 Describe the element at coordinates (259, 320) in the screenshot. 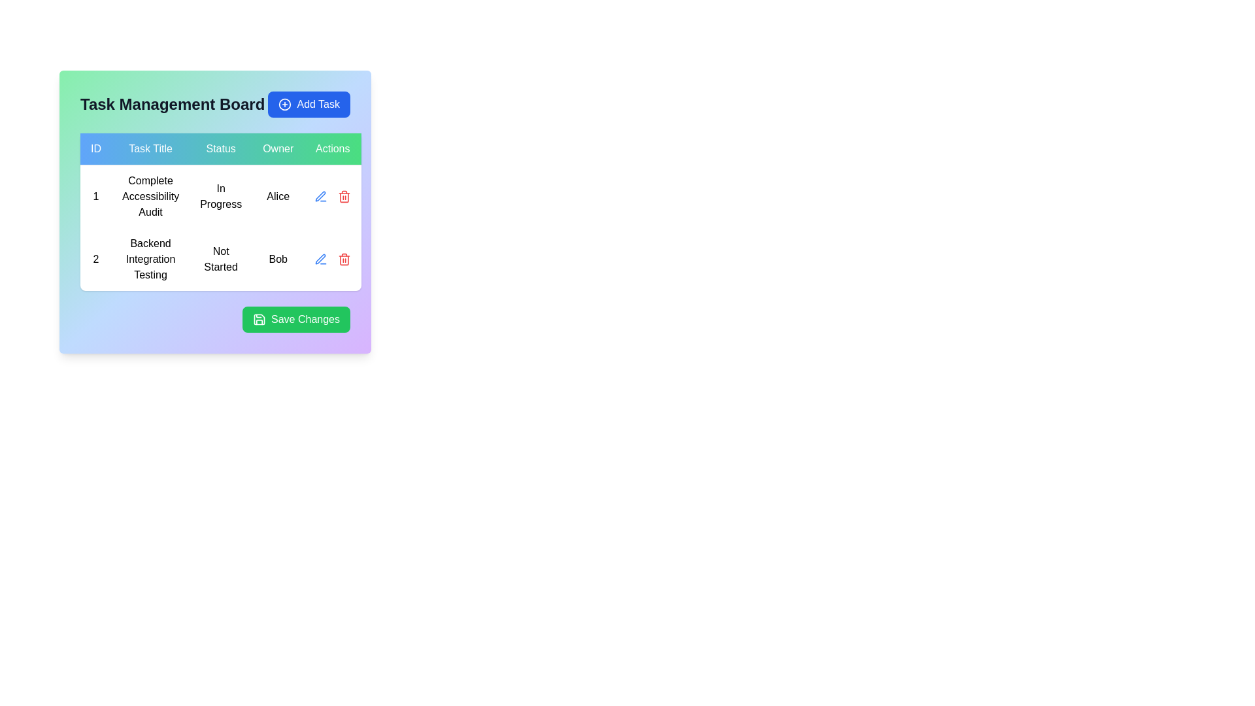

I see `the 'Save Changes' button which features a save icon as its first visible component` at that location.